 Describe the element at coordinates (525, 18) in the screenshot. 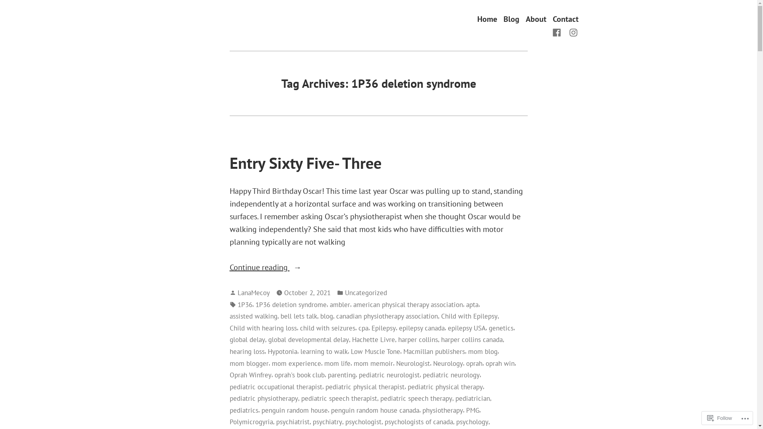

I see `'About'` at that location.